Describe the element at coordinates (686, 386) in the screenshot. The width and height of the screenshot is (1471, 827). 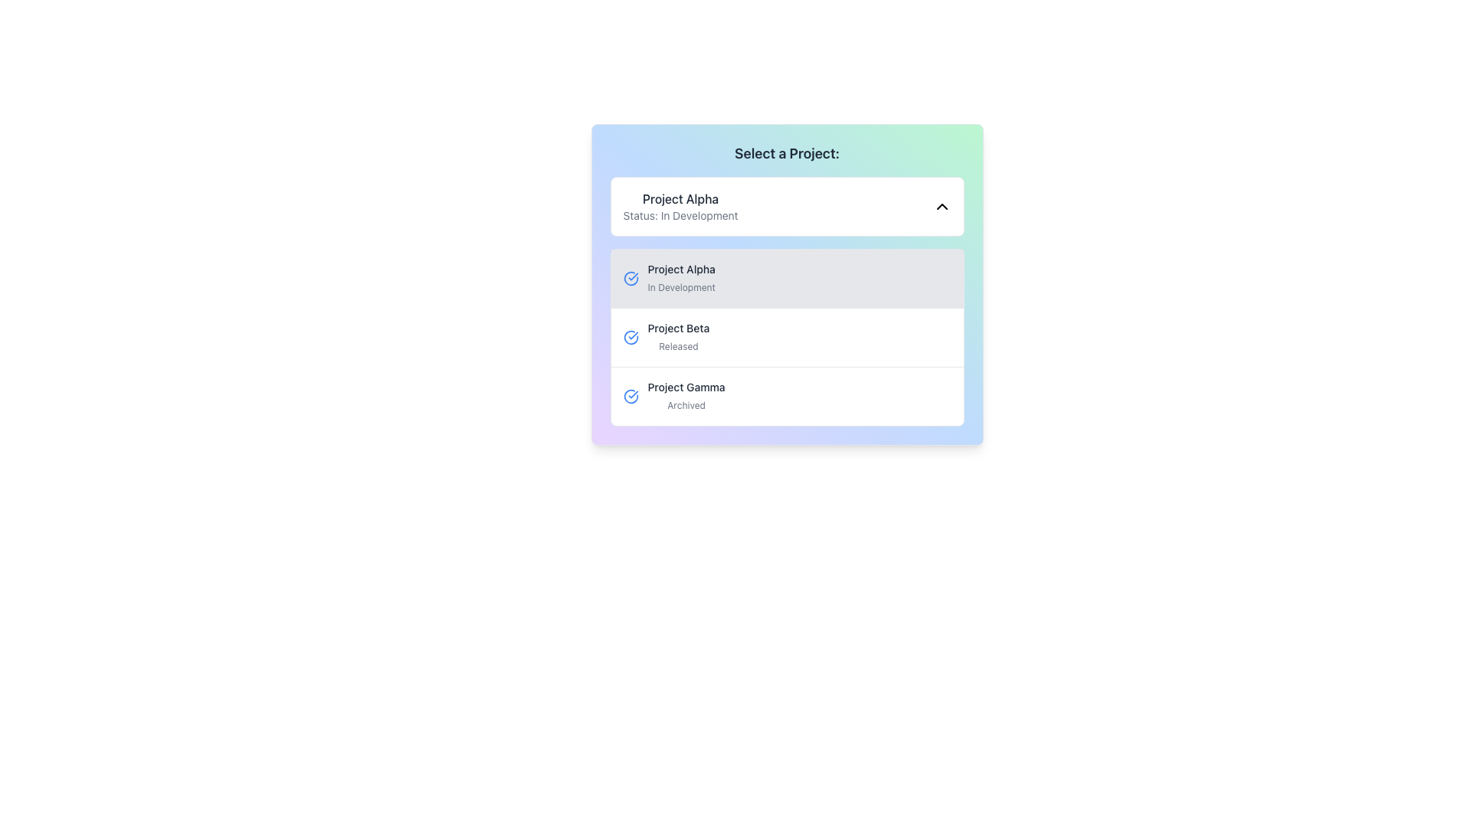
I see `the text label displaying 'Project Gamma'` at that location.